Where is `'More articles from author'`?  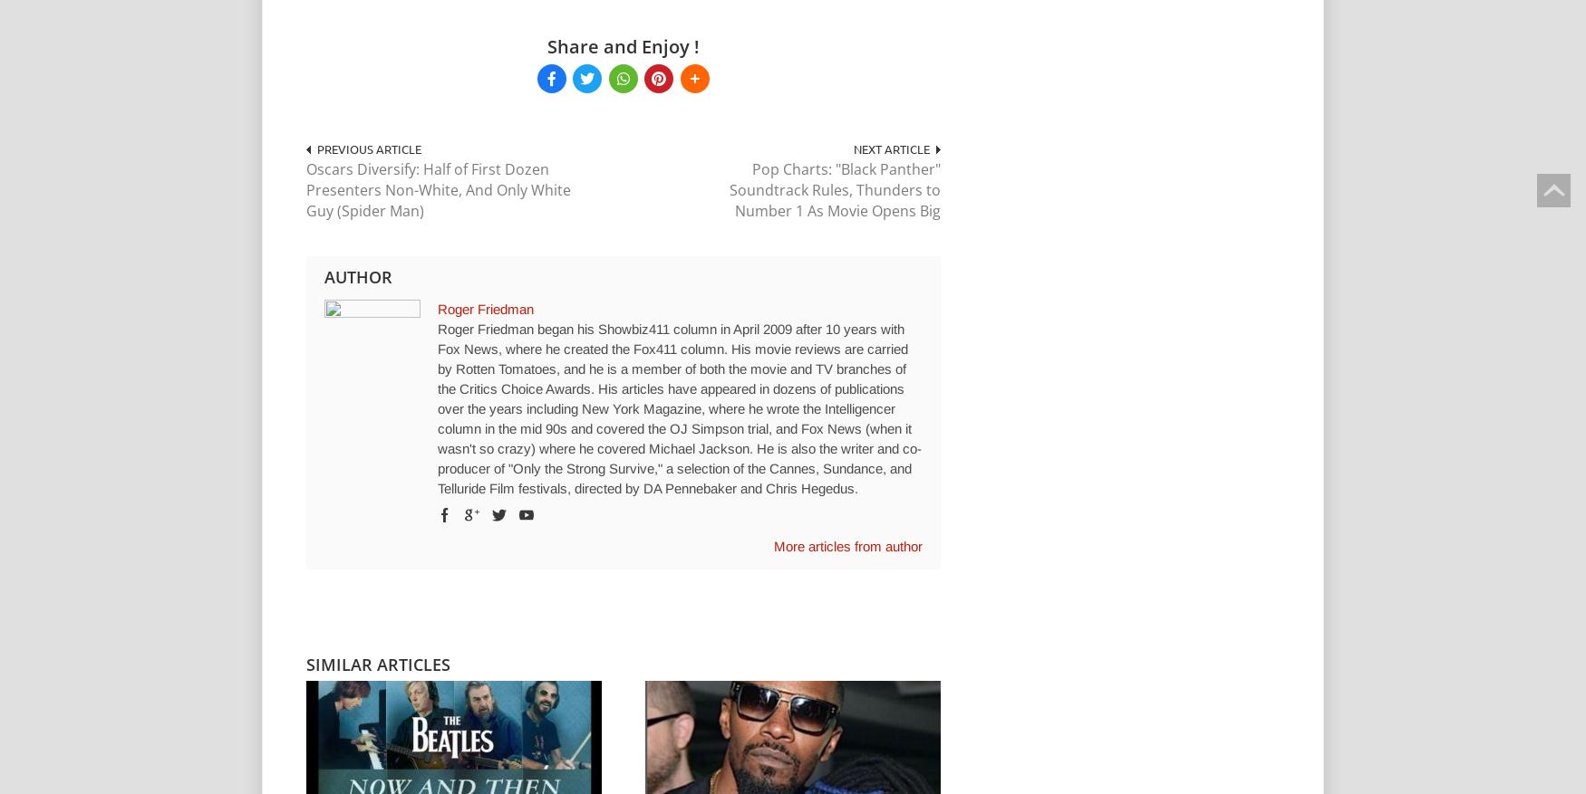
'More articles from author' is located at coordinates (772, 544).